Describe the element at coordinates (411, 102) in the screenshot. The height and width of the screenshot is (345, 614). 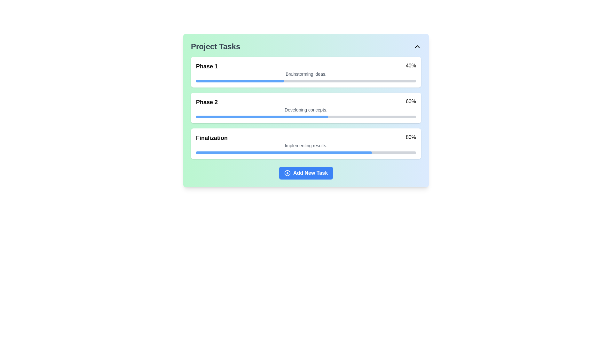
I see `text indicating the current completion percentage (60%) of the 'Phase 2' project task, located near the top right corner of the 'Phase 2' section in the task list` at that location.